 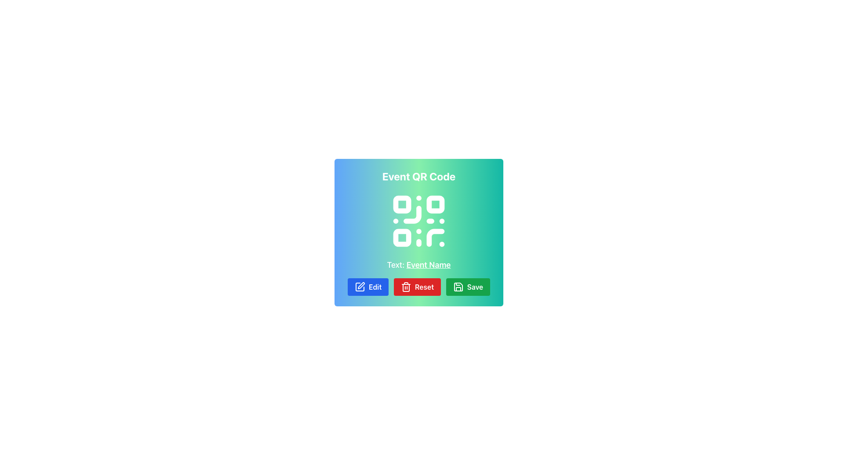 I want to click on the pen icon located to the left of the 'Edit' button in the button group below the 'Event QR Code' section, so click(x=360, y=287).